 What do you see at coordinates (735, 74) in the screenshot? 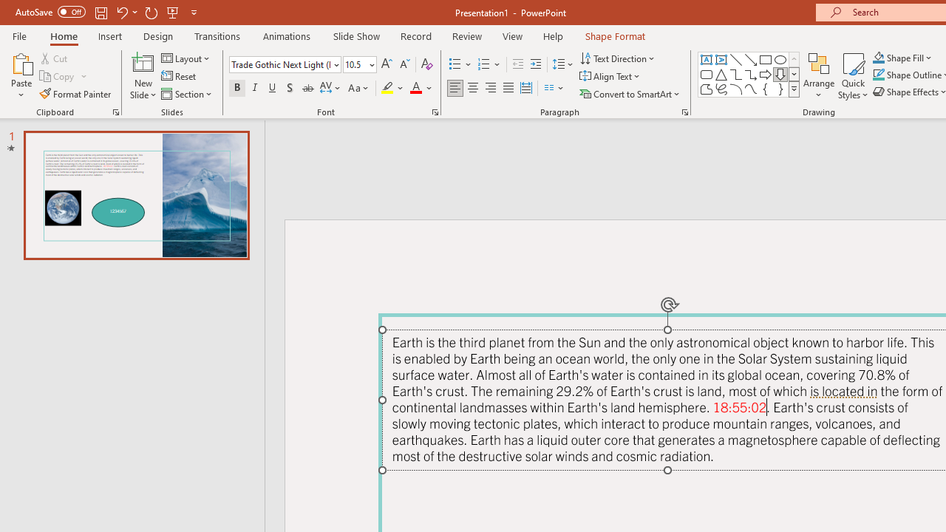
I see `'Connector: Elbow'` at bounding box center [735, 74].